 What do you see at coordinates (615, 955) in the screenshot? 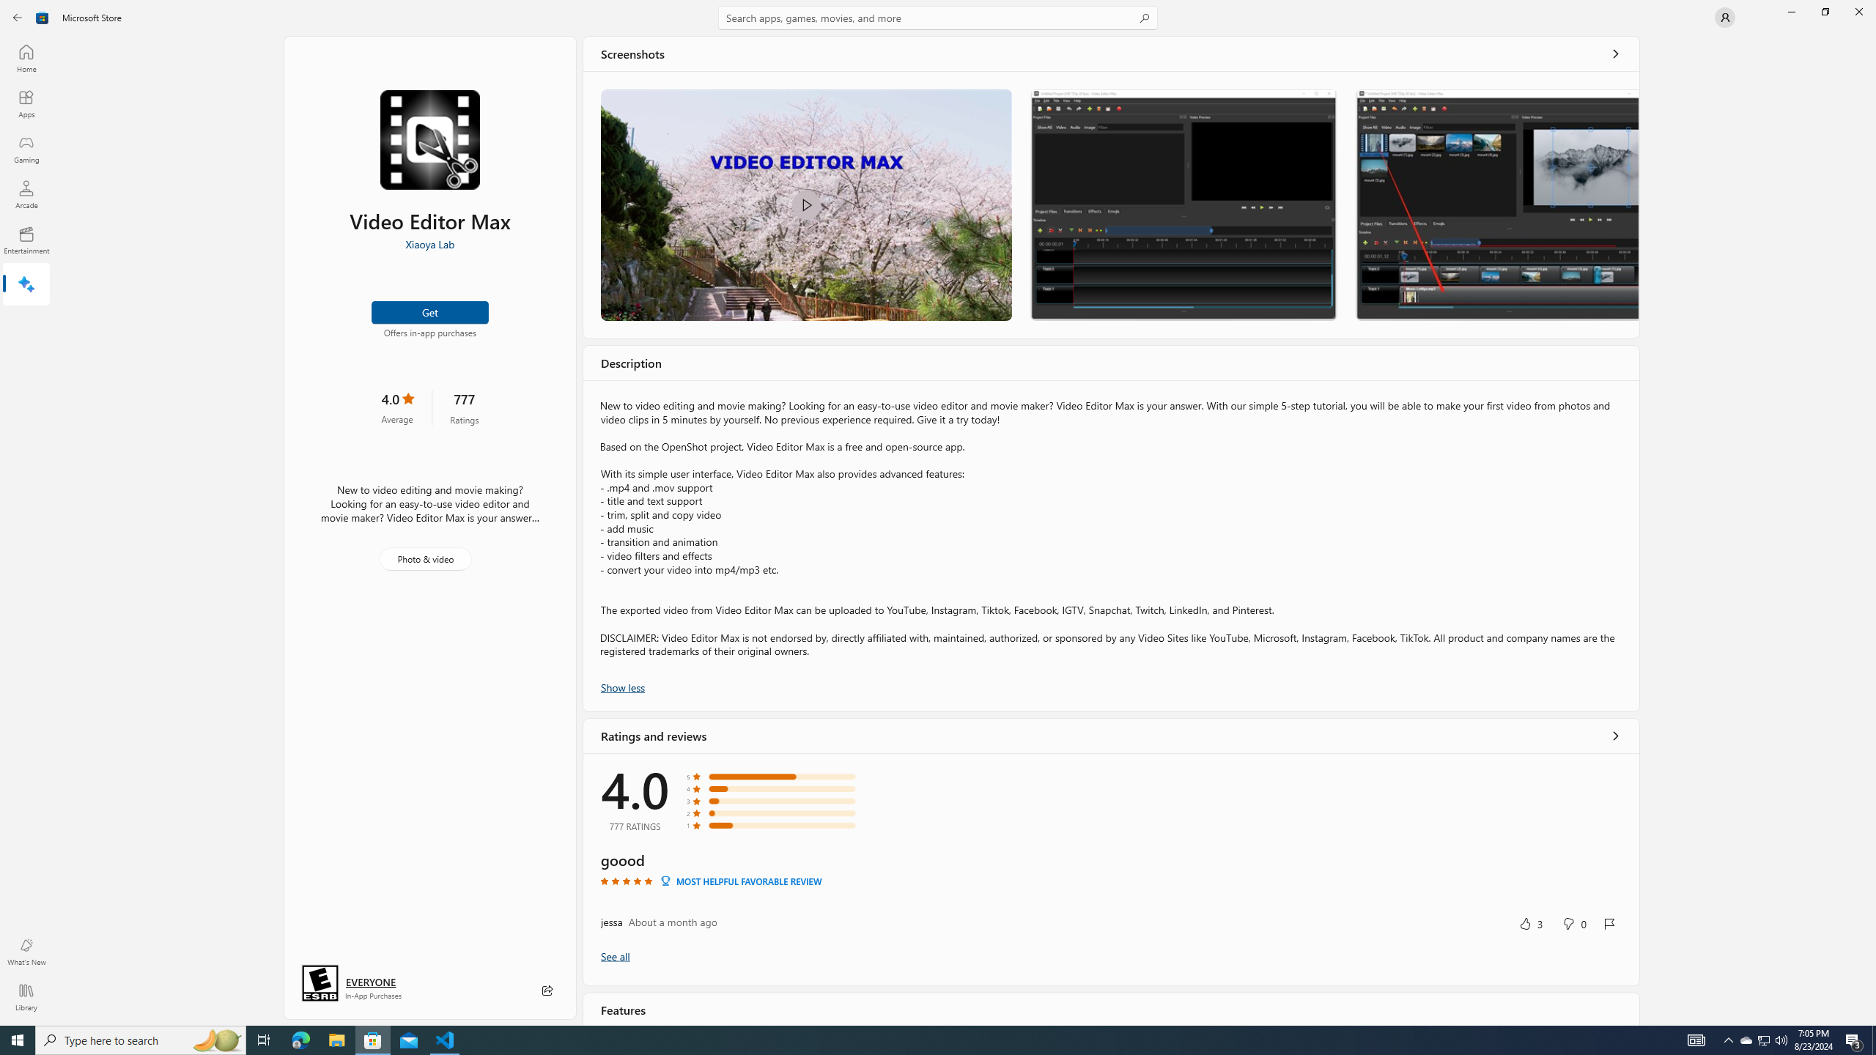
I see `'Show all ratings and reviews'` at bounding box center [615, 955].